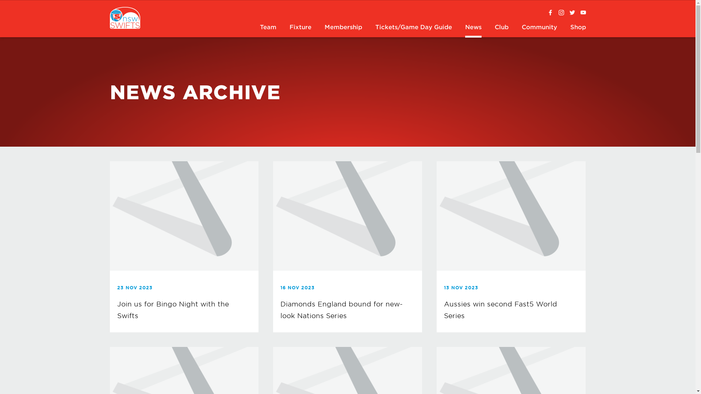 The height and width of the screenshot is (394, 701). I want to click on '@nswswifts', so click(561, 12).